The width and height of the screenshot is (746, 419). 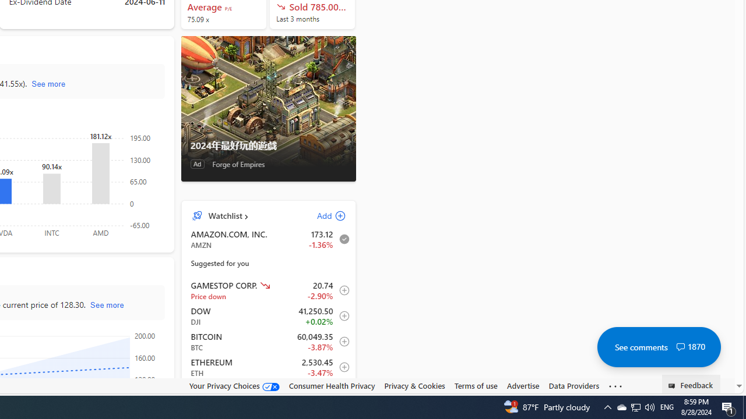 I want to click on 'Your Privacy Choices', so click(x=233, y=386).